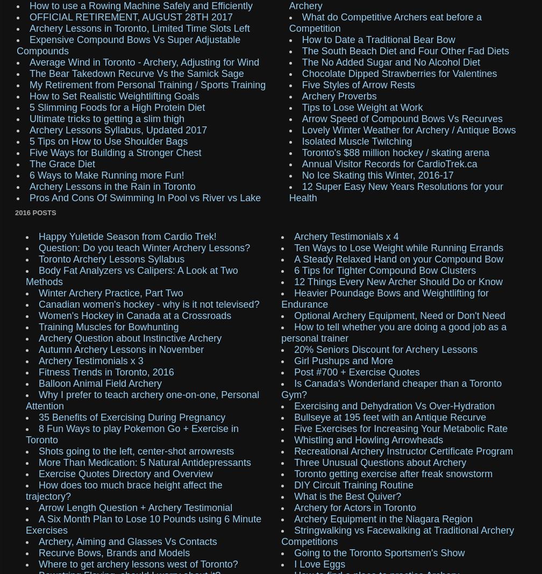  I want to click on 'Question: Do you teach Winter Archery Lessons?', so click(38, 246).